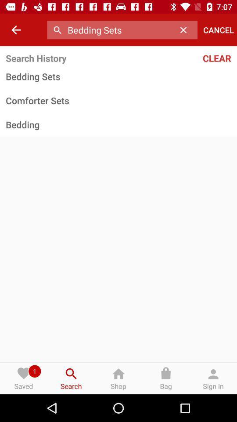  I want to click on the item above the bedding sets, so click(197, 58).